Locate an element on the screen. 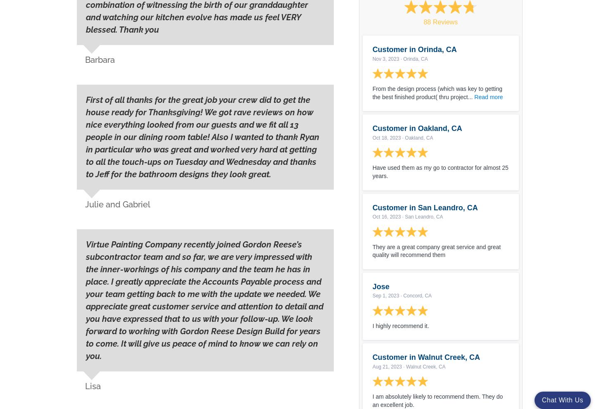  '· Walnut Creek, CA' is located at coordinates (423, 366).